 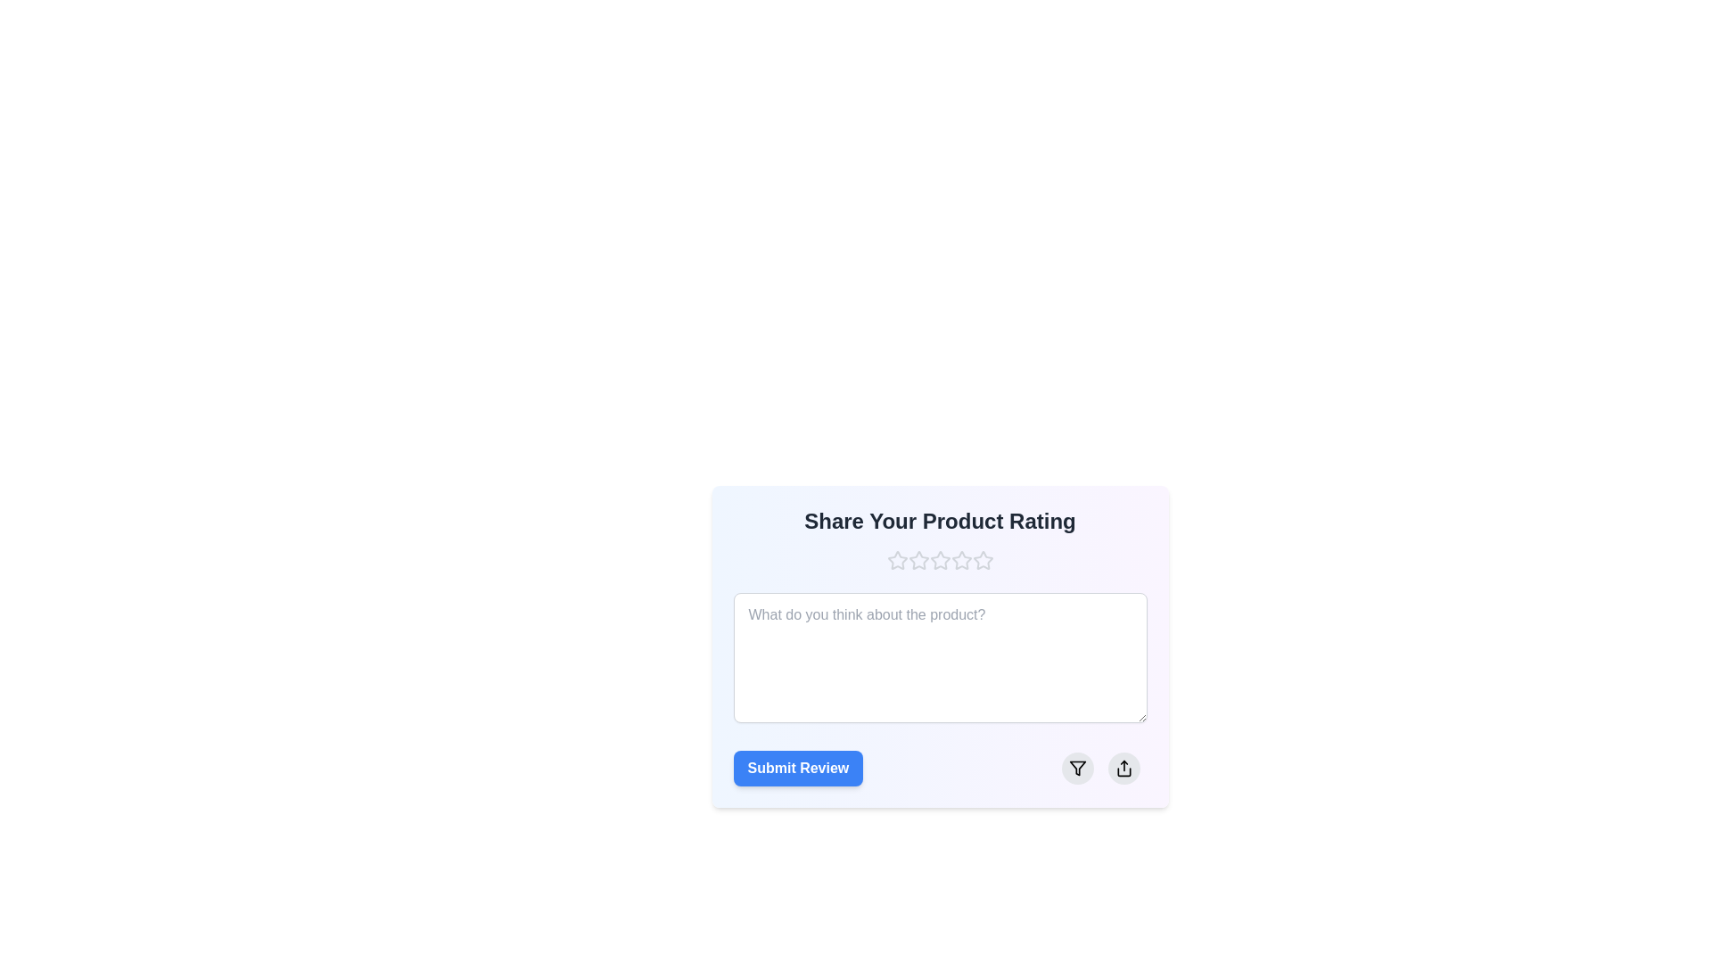 What do you see at coordinates (897, 559) in the screenshot?
I see `the first star rating icon in the row of five stars, located below the 'Share Your Product Rating' header` at bounding box center [897, 559].